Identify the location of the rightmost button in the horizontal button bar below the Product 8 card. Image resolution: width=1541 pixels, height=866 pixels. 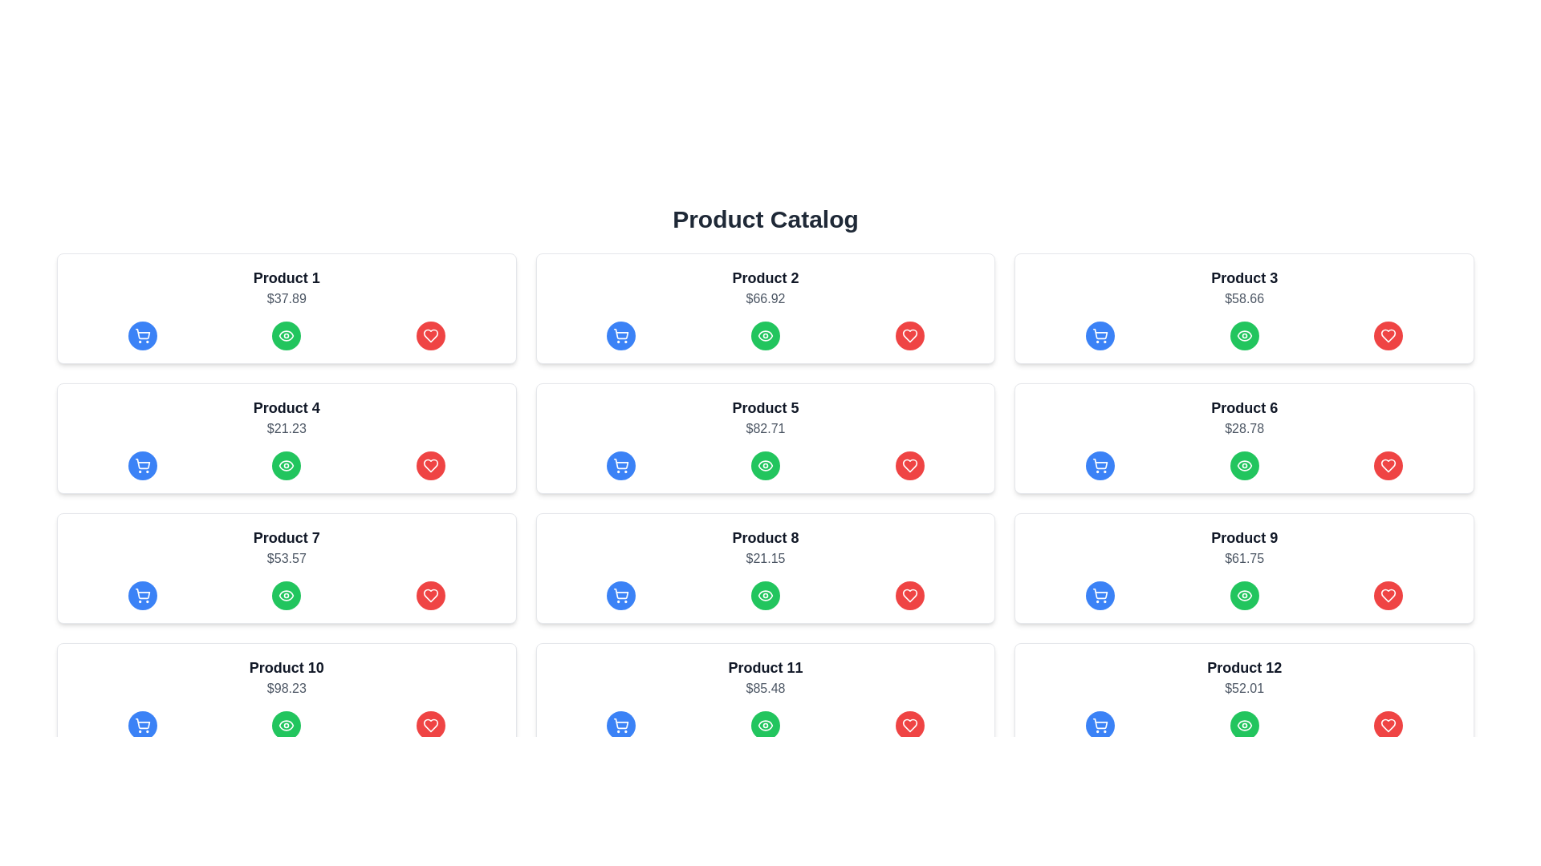
(765, 596).